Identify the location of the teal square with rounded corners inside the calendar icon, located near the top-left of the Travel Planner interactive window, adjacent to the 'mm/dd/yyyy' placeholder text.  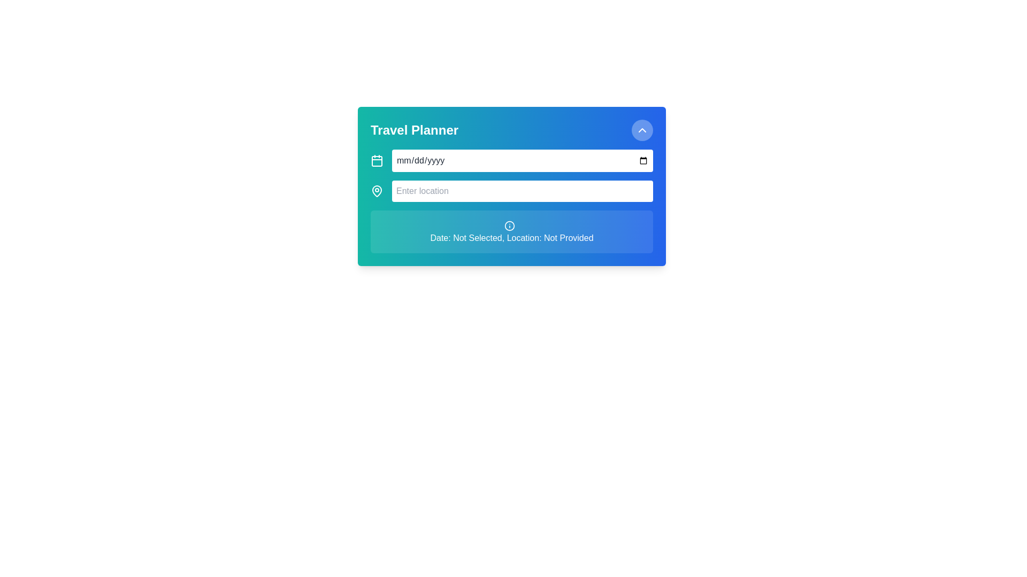
(377, 161).